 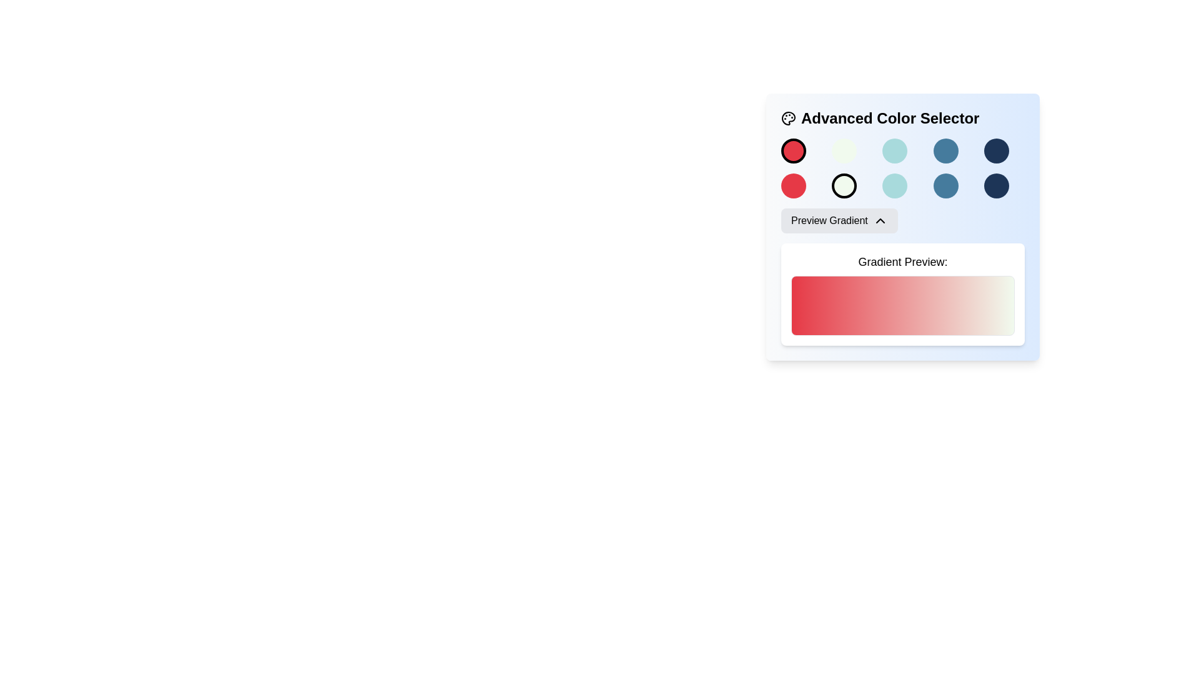 What do you see at coordinates (894, 150) in the screenshot?
I see `the pastel teal color selection button located in the lower section of the color selection interface to change the application appearance` at bounding box center [894, 150].